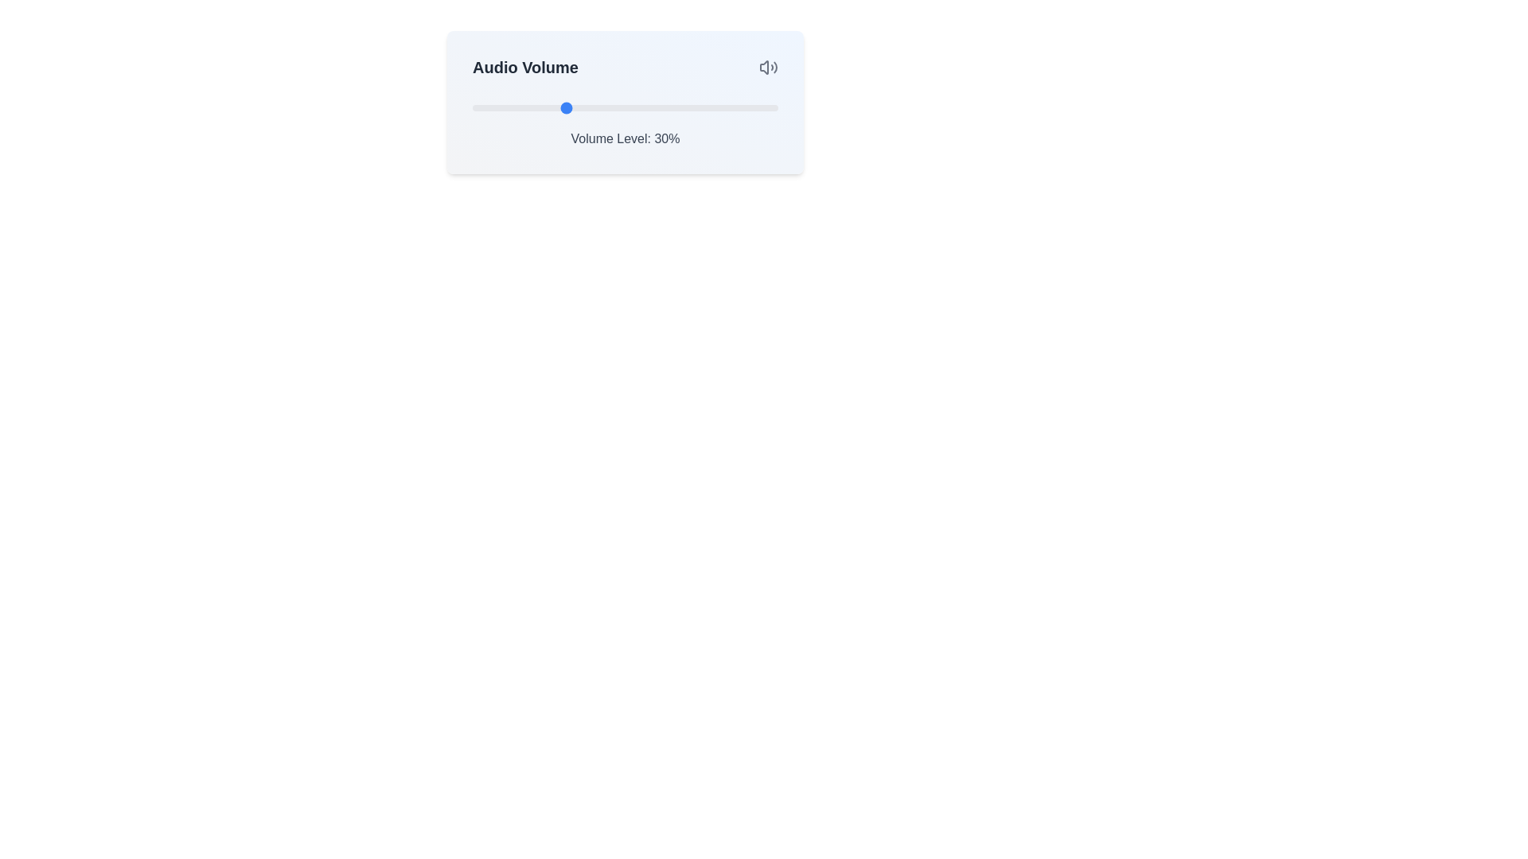 The width and height of the screenshot is (1528, 859). I want to click on audio volume, so click(637, 107).